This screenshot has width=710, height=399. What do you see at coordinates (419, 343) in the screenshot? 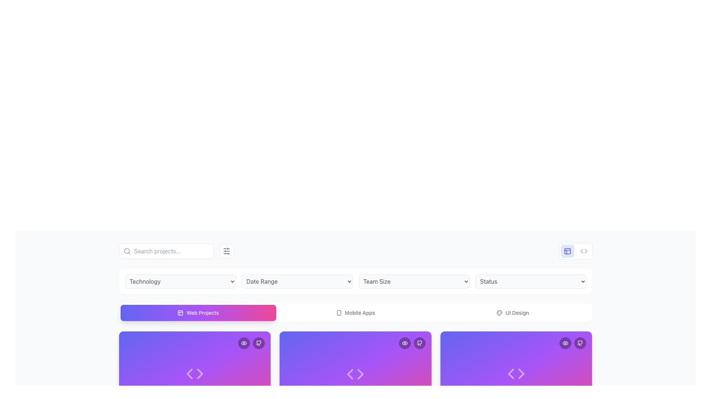
I see `the circular button with a black semi-transparent background and a white GitHub logo` at bounding box center [419, 343].